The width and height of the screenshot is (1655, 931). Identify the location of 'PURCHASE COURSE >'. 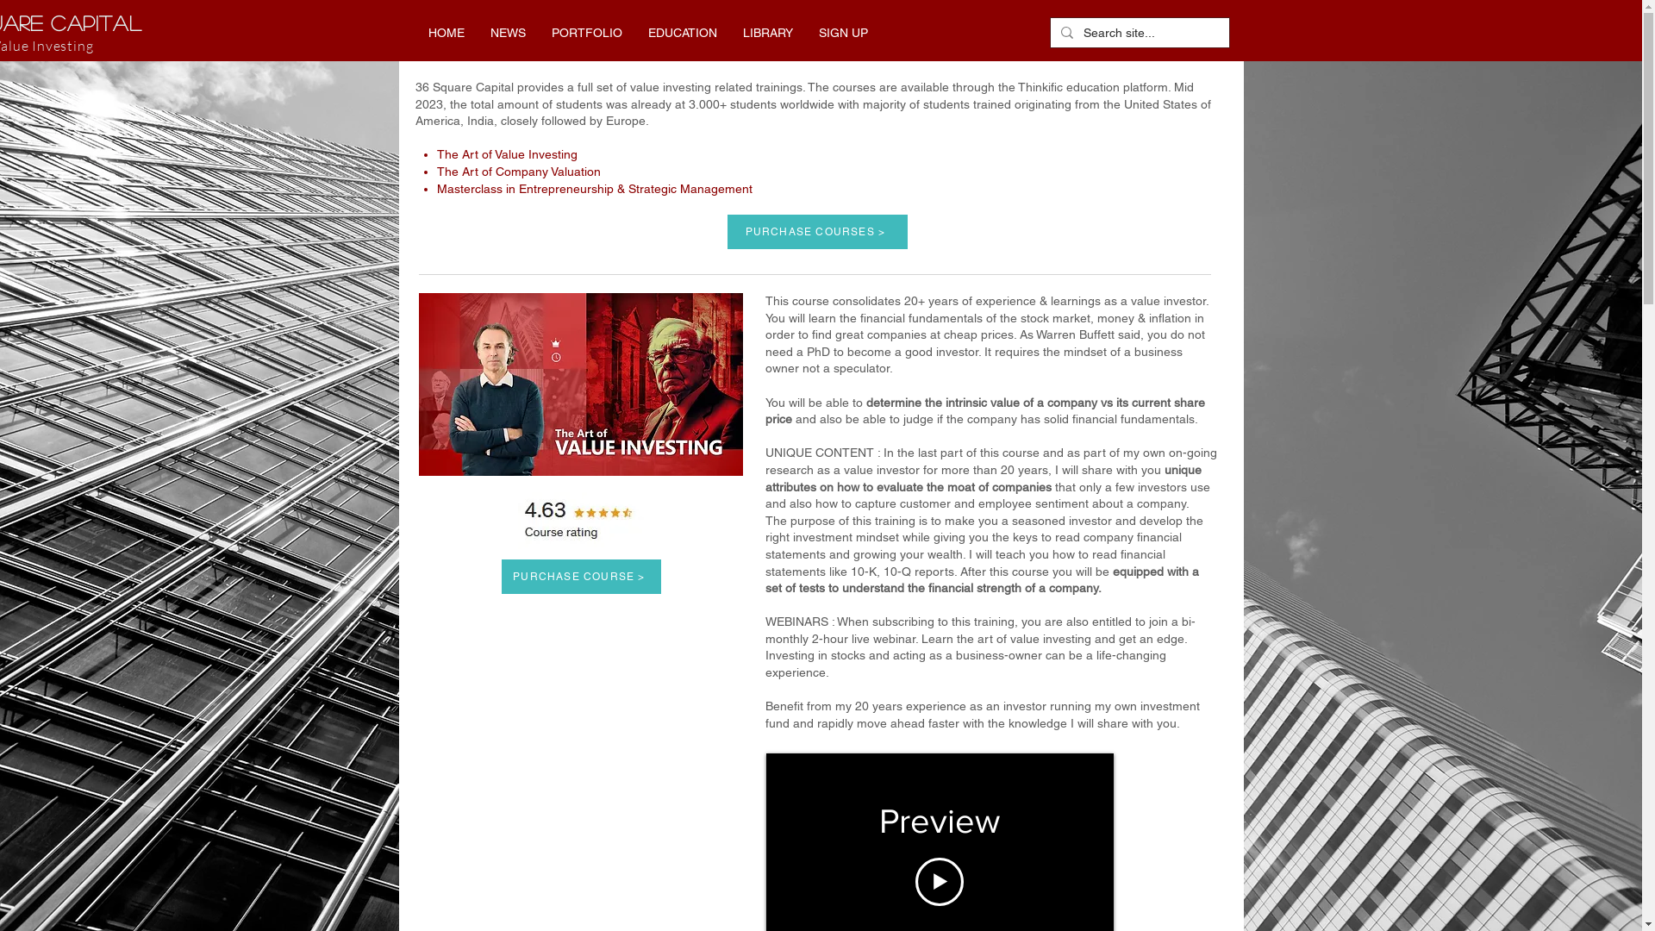
(581, 576).